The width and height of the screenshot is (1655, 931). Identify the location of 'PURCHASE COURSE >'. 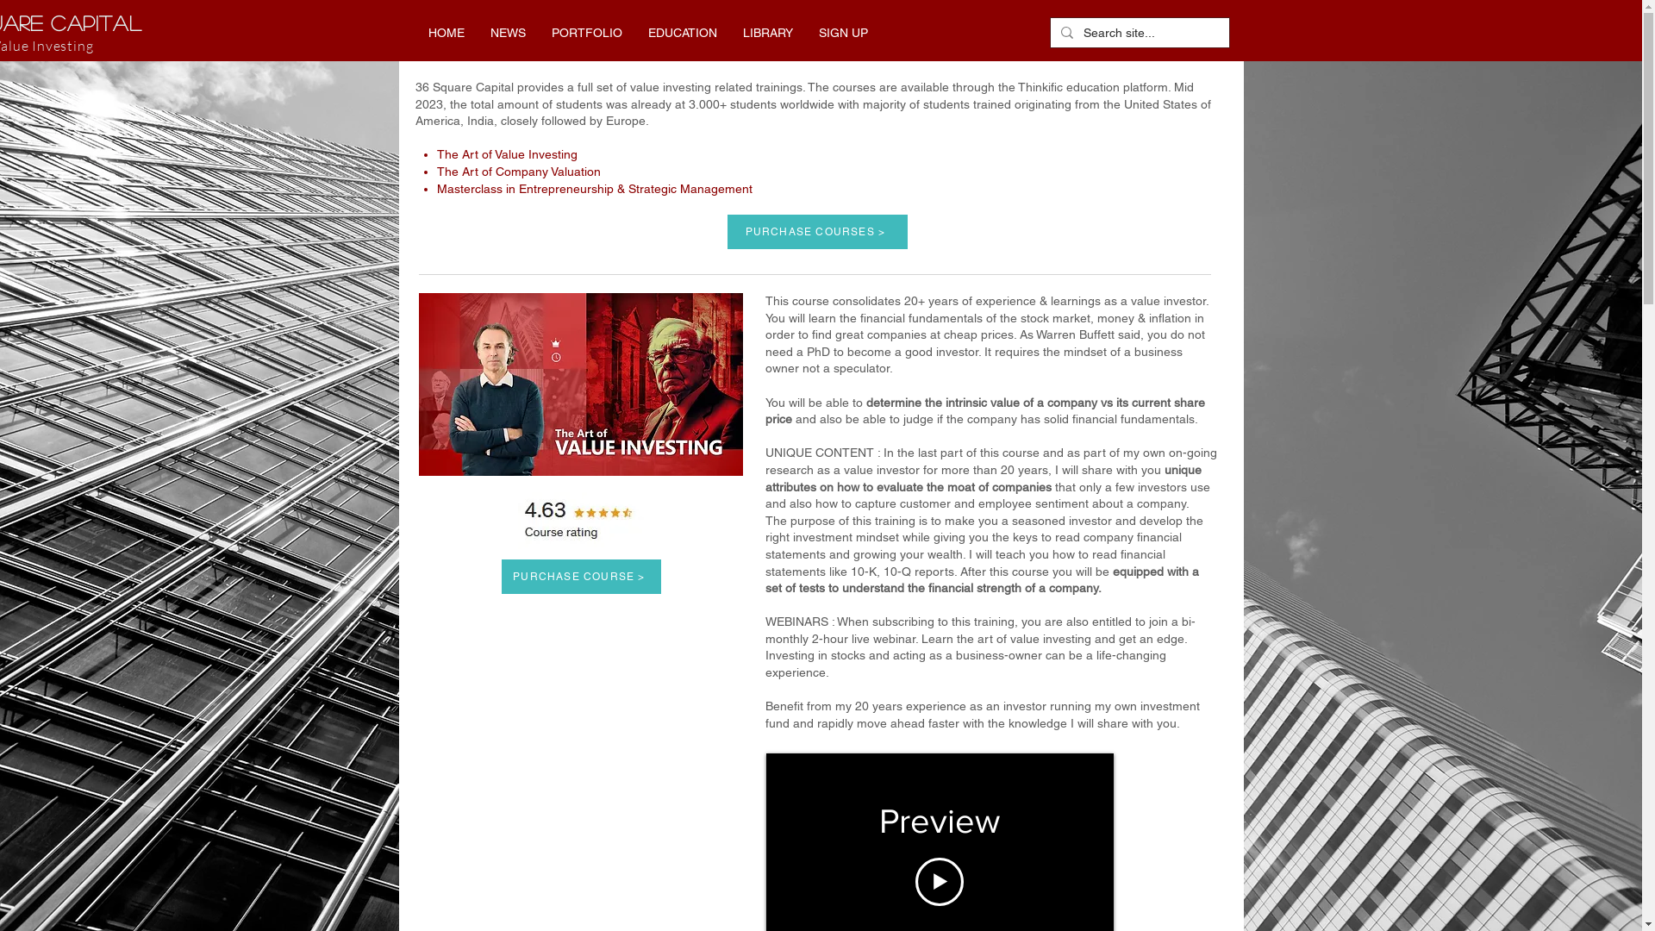
(581, 576).